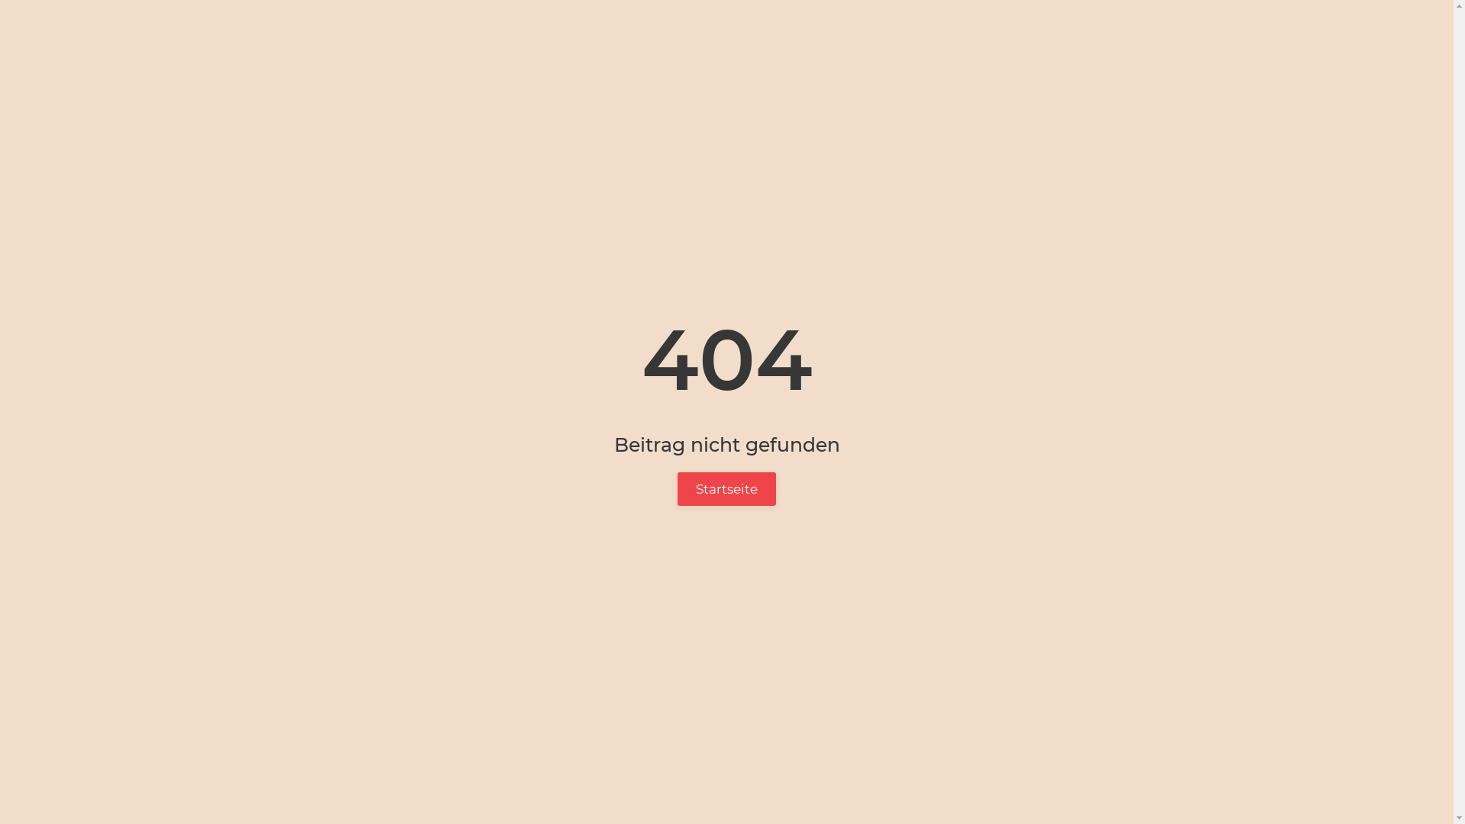 The height and width of the screenshot is (824, 1465). What do you see at coordinates (677, 488) in the screenshot?
I see `'Startseite'` at bounding box center [677, 488].